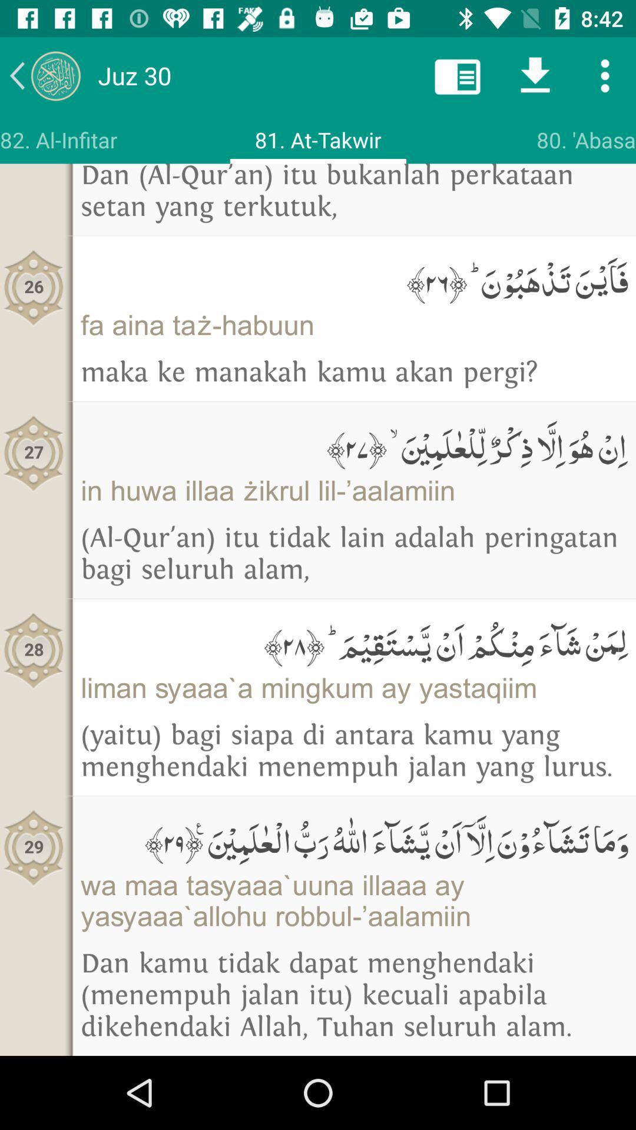 Image resolution: width=636 pixels, height=1130 pixels. Describe the element at coordinates (535, 75) in the screenshot. I see `download this article` at that location.